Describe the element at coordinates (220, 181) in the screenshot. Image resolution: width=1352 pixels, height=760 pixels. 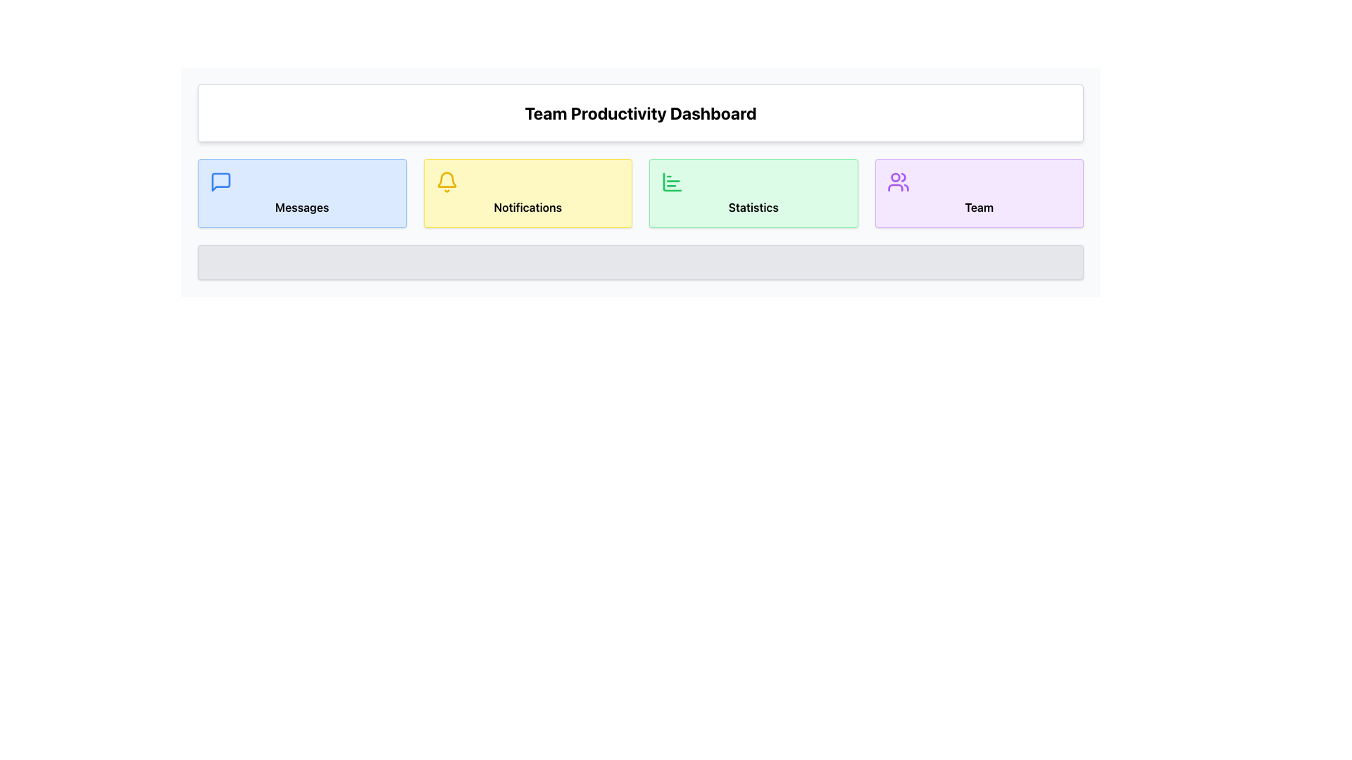
I see `the speech bubble icon with a blue outline located at the top-left corner of the 'Messages' card` at that location.